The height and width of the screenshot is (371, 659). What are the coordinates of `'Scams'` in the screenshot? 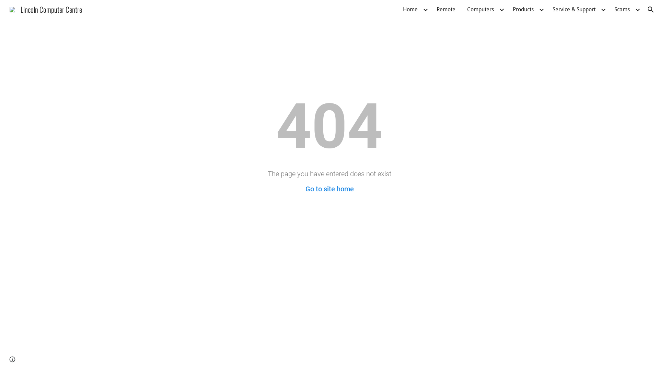 It's located at (622, 9).